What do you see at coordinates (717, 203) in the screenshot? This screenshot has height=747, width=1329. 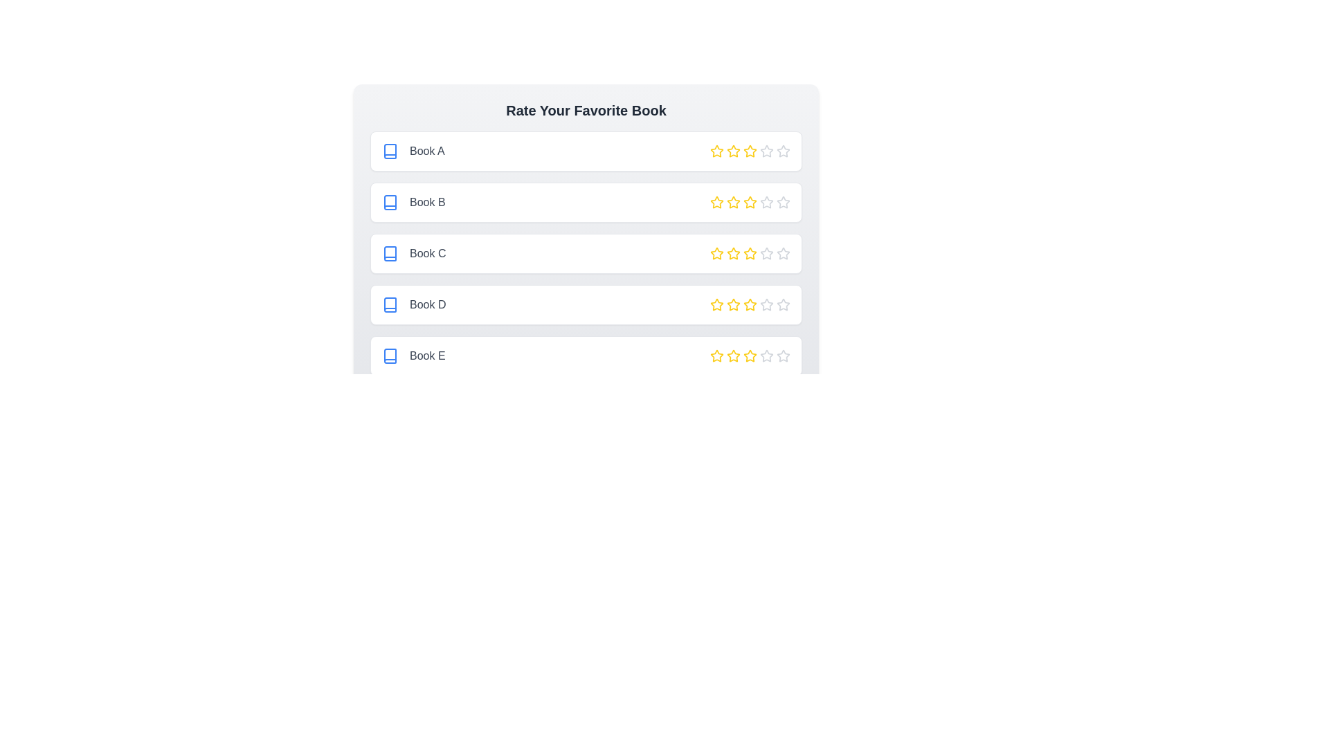 I see `the star corresponding to 1 stars for the book titled Book B` at bounding box center [717, 203].